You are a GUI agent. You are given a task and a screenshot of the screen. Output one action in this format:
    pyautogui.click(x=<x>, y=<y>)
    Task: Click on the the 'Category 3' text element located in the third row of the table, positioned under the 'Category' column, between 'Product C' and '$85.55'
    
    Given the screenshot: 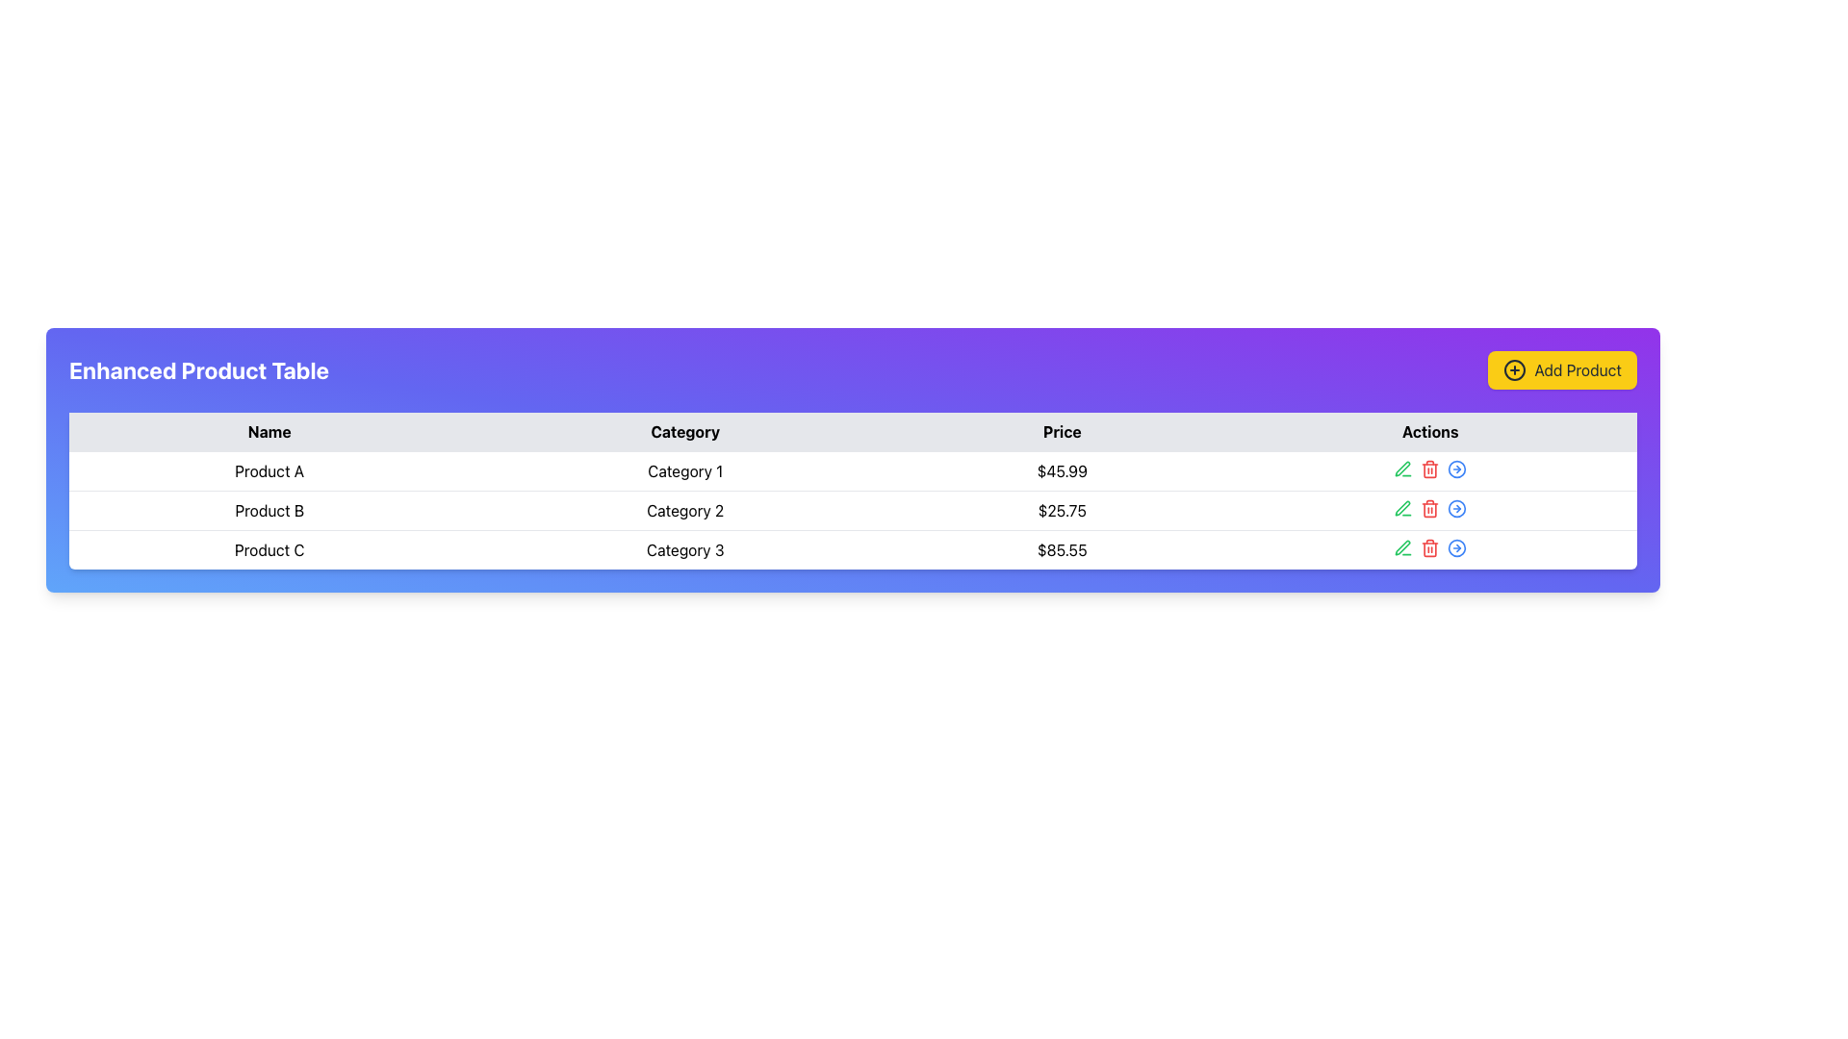 What is the action you would take?
    pyautogui.click(x=685, y=549)
    